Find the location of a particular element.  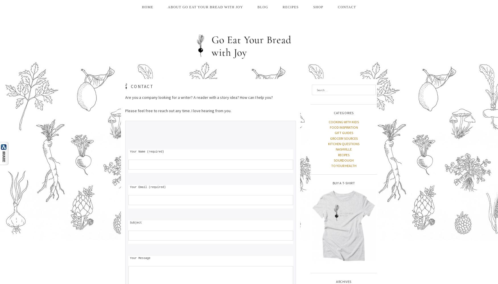

'Are you a company looking for a writer? A reader with a story idea? How can I help you?' is located at coordinates (199, 97).